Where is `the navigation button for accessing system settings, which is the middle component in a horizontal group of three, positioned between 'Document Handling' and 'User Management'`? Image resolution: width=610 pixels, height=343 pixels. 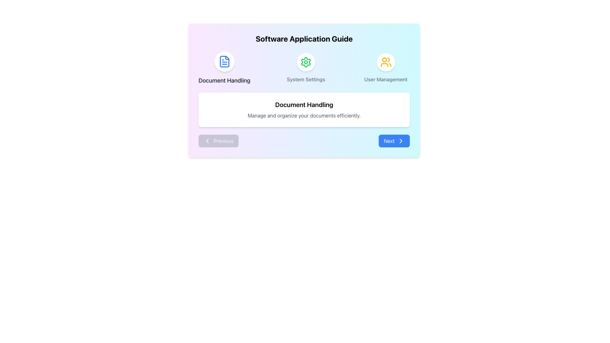
the navigation button for accessing system settings, which is the middle component in a horizontal group of three, positioned between 'Document Handling' and 'User Management' is located at coordinates (306, 68).